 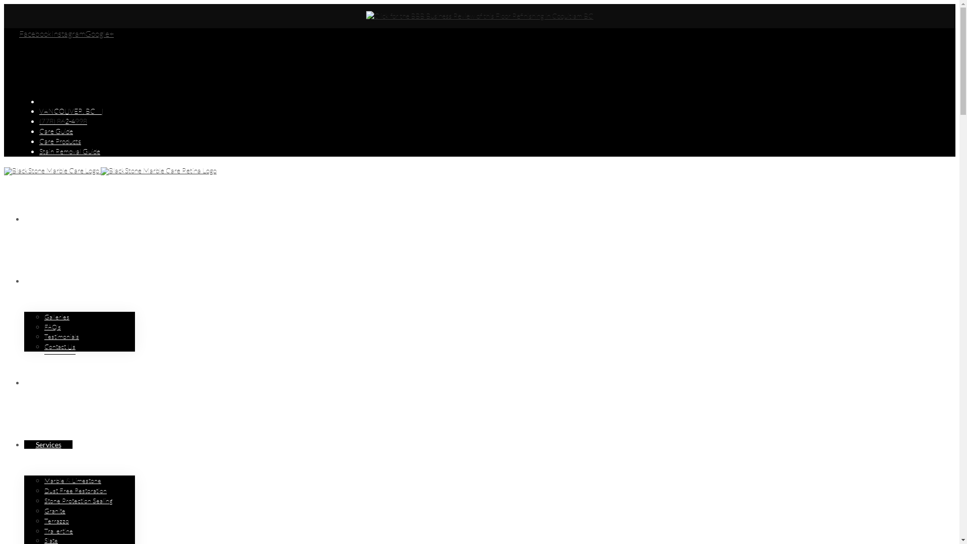 I want to click on 'Care Products', so click(x=59, y=141).